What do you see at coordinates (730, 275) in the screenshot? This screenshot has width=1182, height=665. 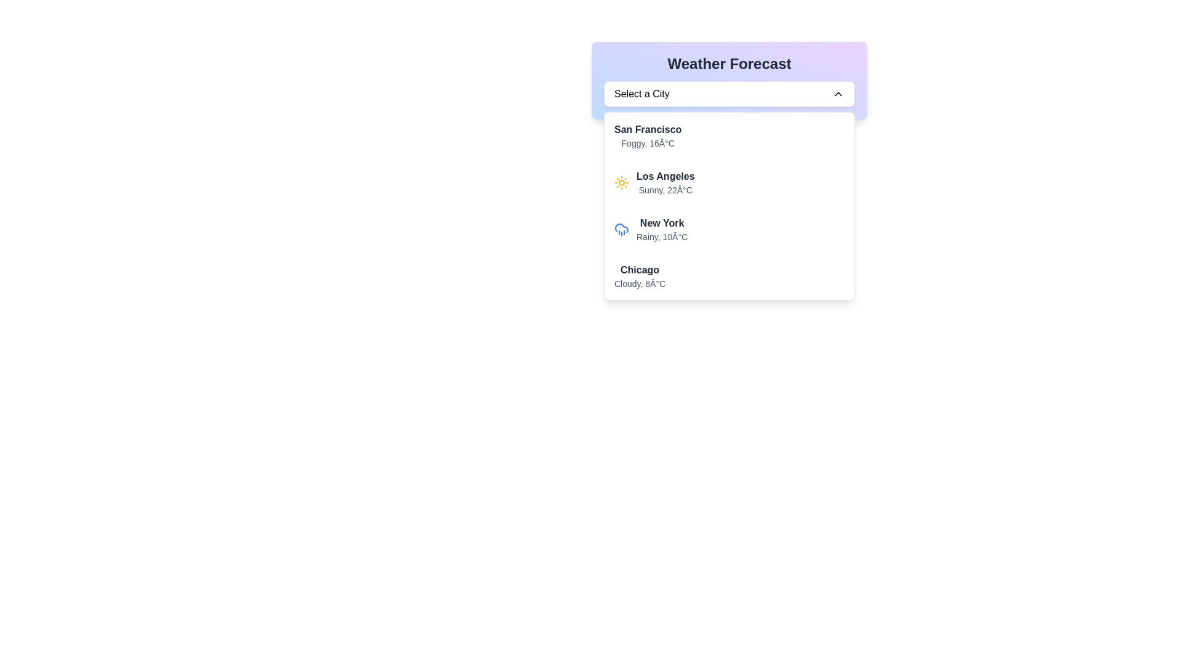 I see `weather information displayed in the static informational block for Chicago located in the dropdown menu` at bounding box center [730, 275].